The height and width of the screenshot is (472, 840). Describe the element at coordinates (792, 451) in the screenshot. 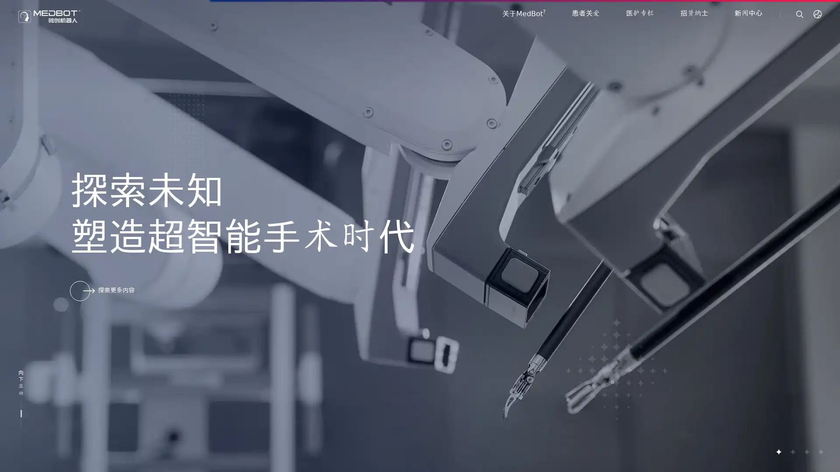

I see `Go to slide 2` at that location.